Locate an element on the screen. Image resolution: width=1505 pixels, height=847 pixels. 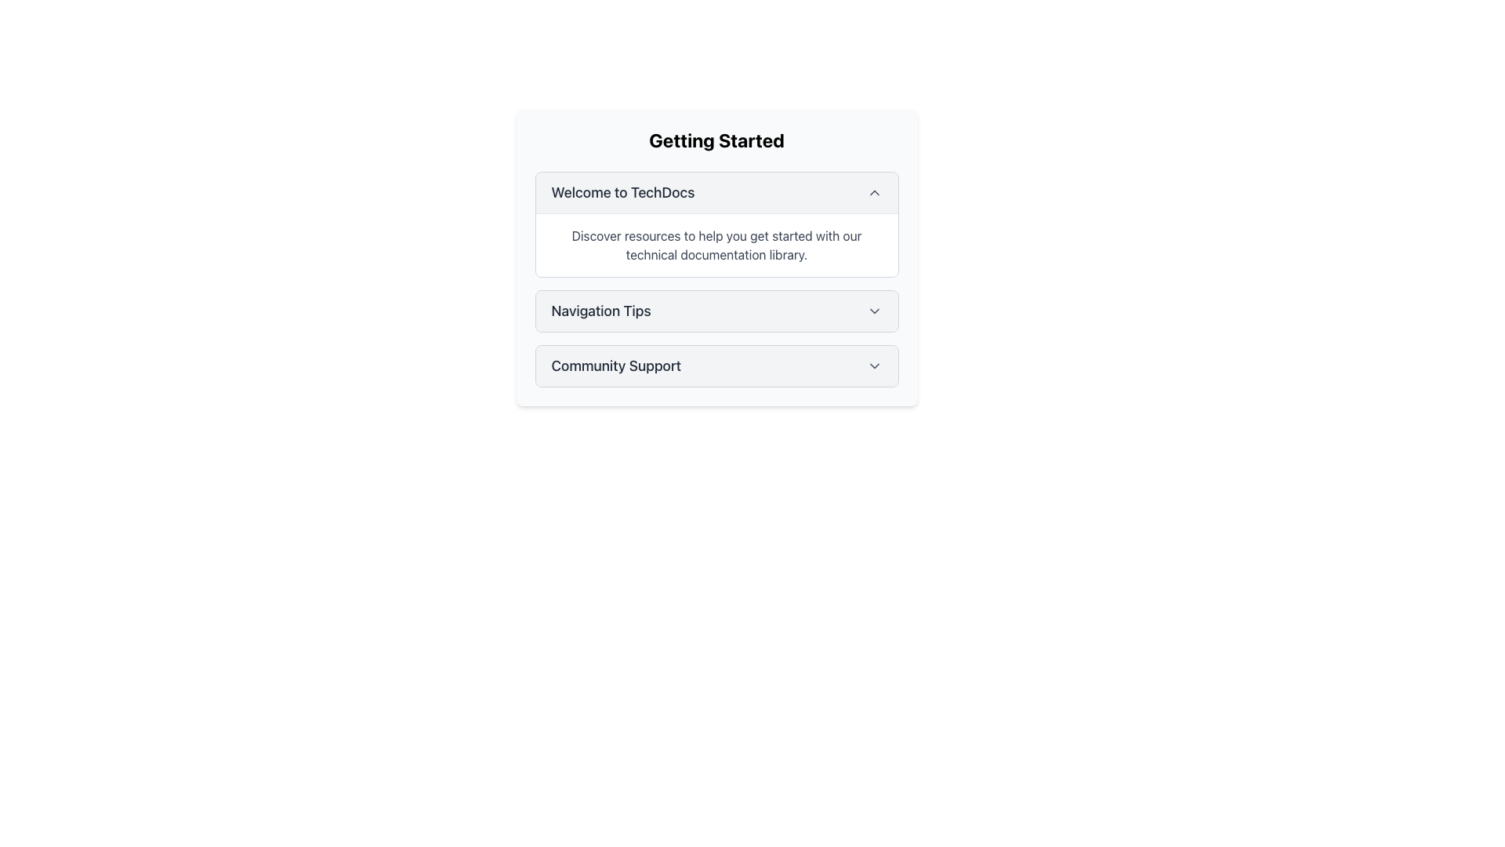
the chevron indicator located at the far right of the 'Navigation Tips' row is located at coordinates (873, 311).